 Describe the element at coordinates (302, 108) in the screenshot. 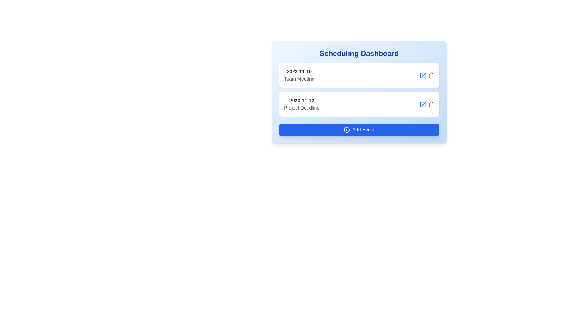

I see `the Text label that provides descriptive information about the associated date '2023-11-12', located in the middle section of the Scheduling Dashboard, specifically in the second event block` at that location.